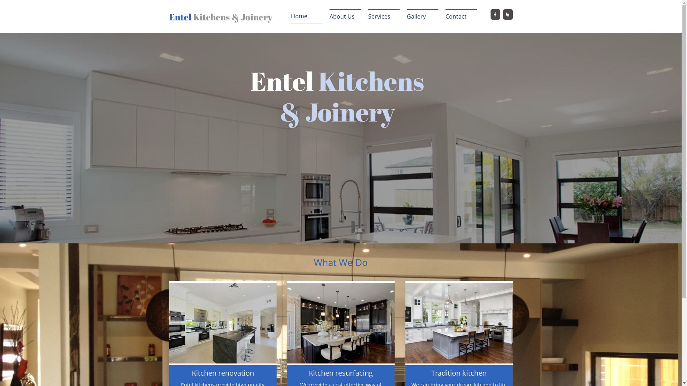 Image resolution: width=687 pixels, height=386 pixels. Describe the element at coordinates (345, 16) in the screenshot. I see `'About Us'` at that location.